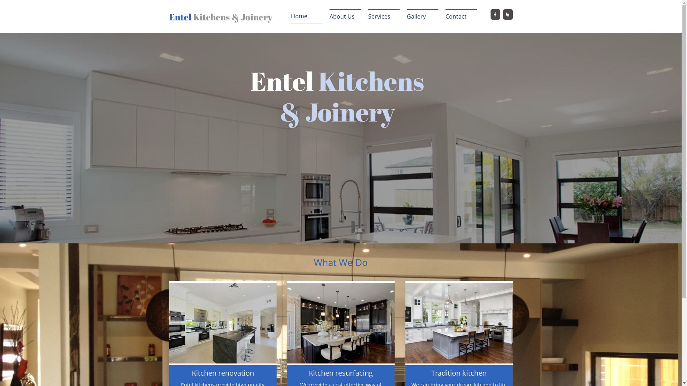 Image resolution: width=687 pixels, height=386 pixels. Describe the element at coordinates (345, 16) in the screenshot. I see `'About Us'` at that location.